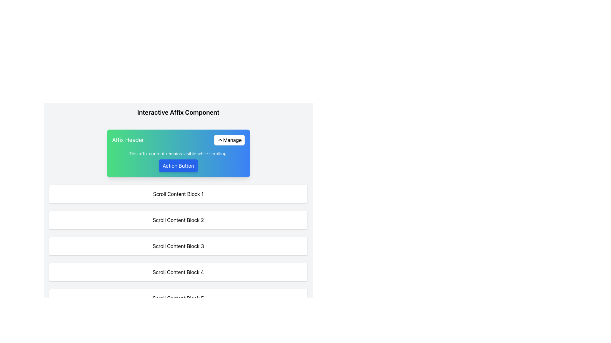 The height and width of the screenshot is (343, 611). Describe the element at coordinates (178, 220) in the screenshot. I see `the Static content block displaying 'Scroll Content Block 2', which is a rectangular block with a white background and slightly rounded corners, located directly below 'Scroll Content Block 1'` at that location.